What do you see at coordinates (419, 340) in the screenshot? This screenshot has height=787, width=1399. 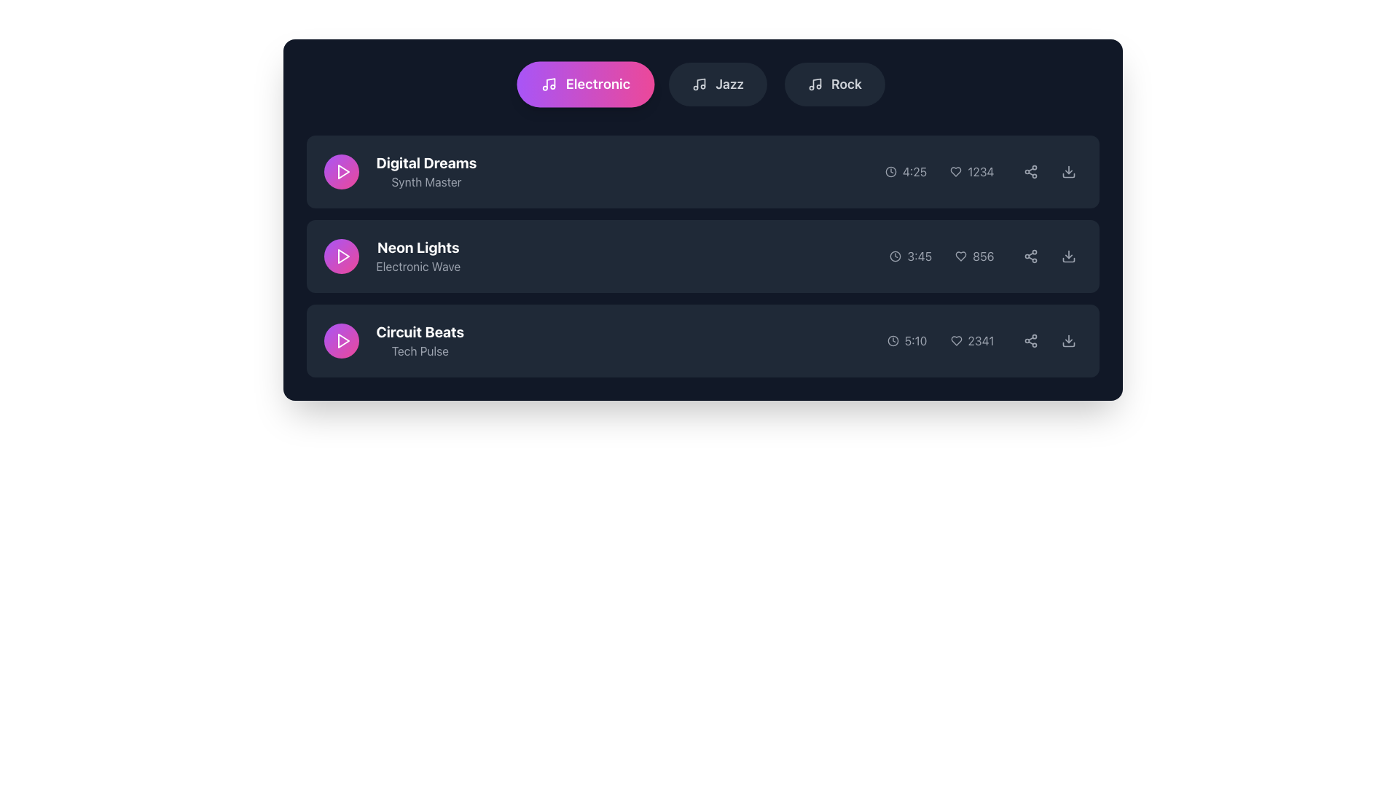 I see `the text label that serves as the title for the music track, located in the last row of the music track list, to the right of the play button` at bounding box center [419, 340].